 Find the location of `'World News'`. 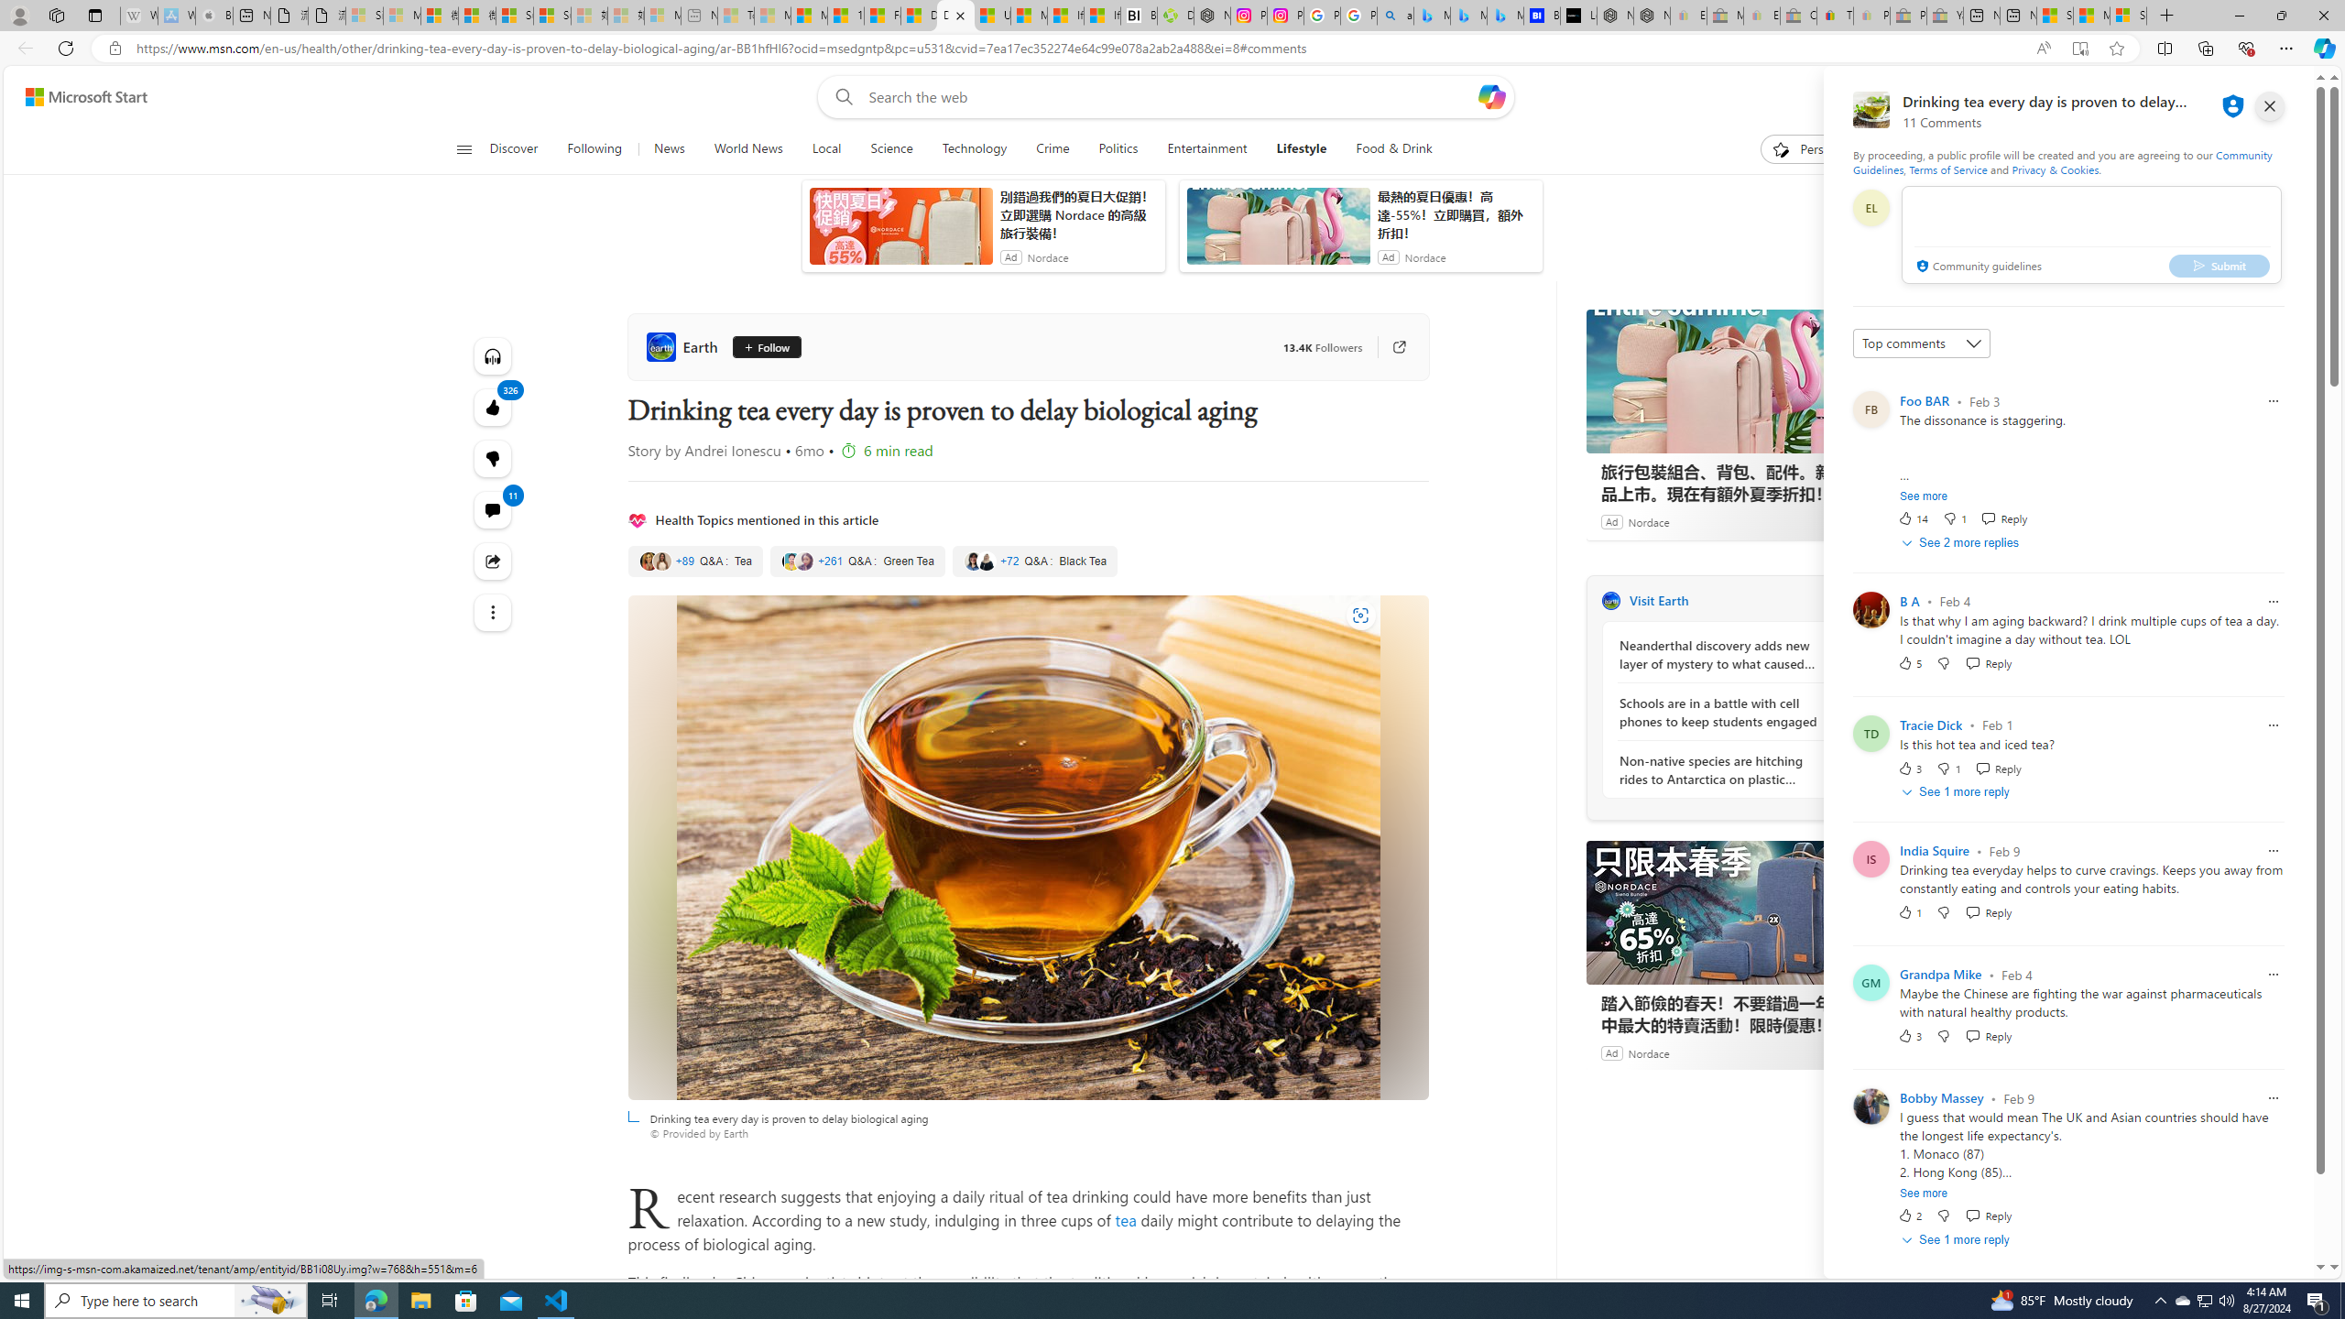

'World News' is located at coordinates (747, 148).